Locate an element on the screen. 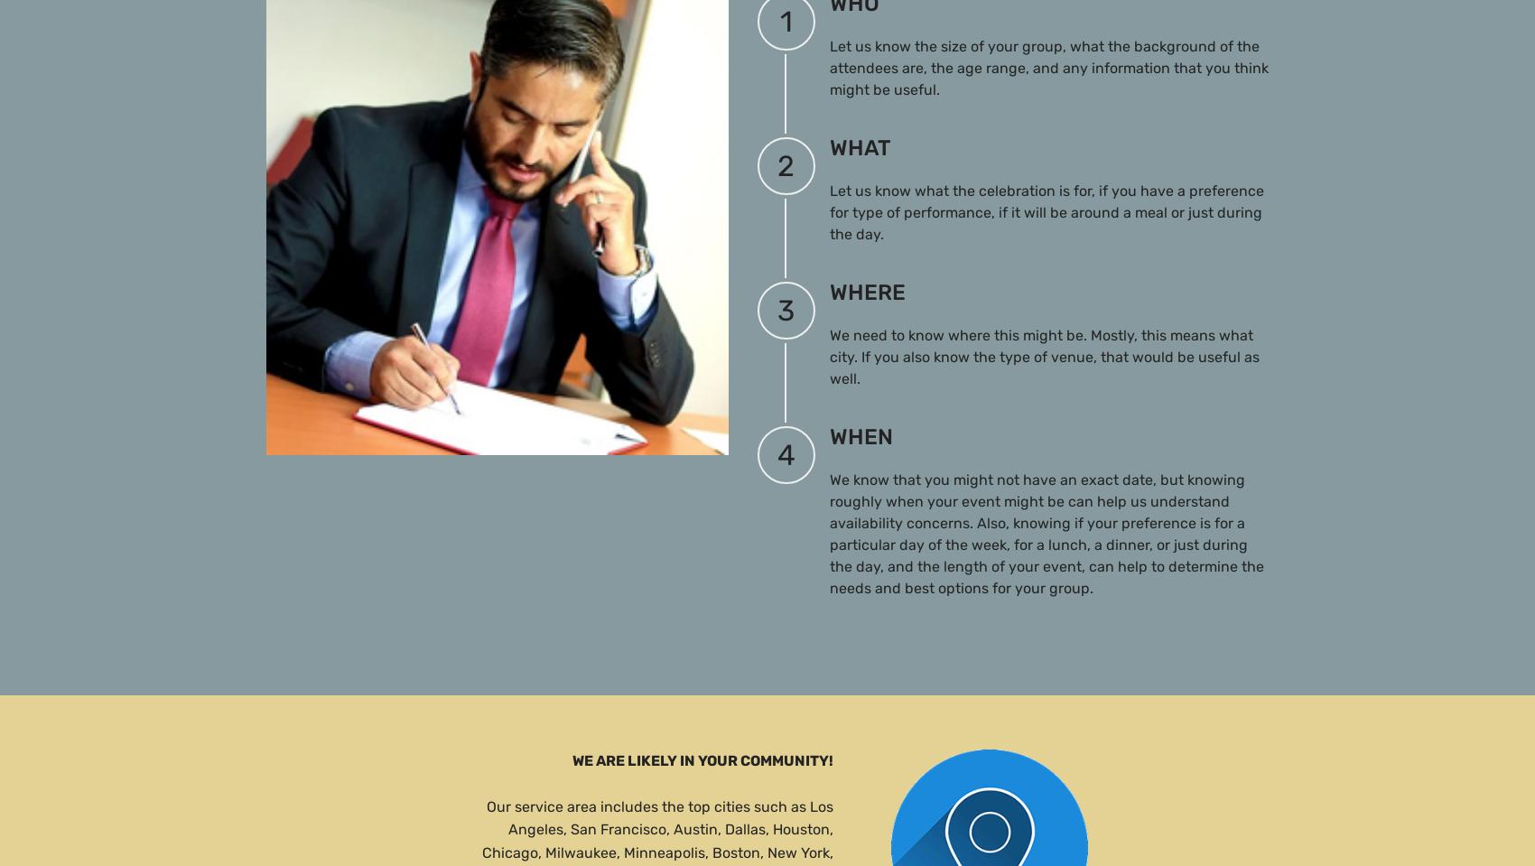  '3' is located at coordinates (786, 309).